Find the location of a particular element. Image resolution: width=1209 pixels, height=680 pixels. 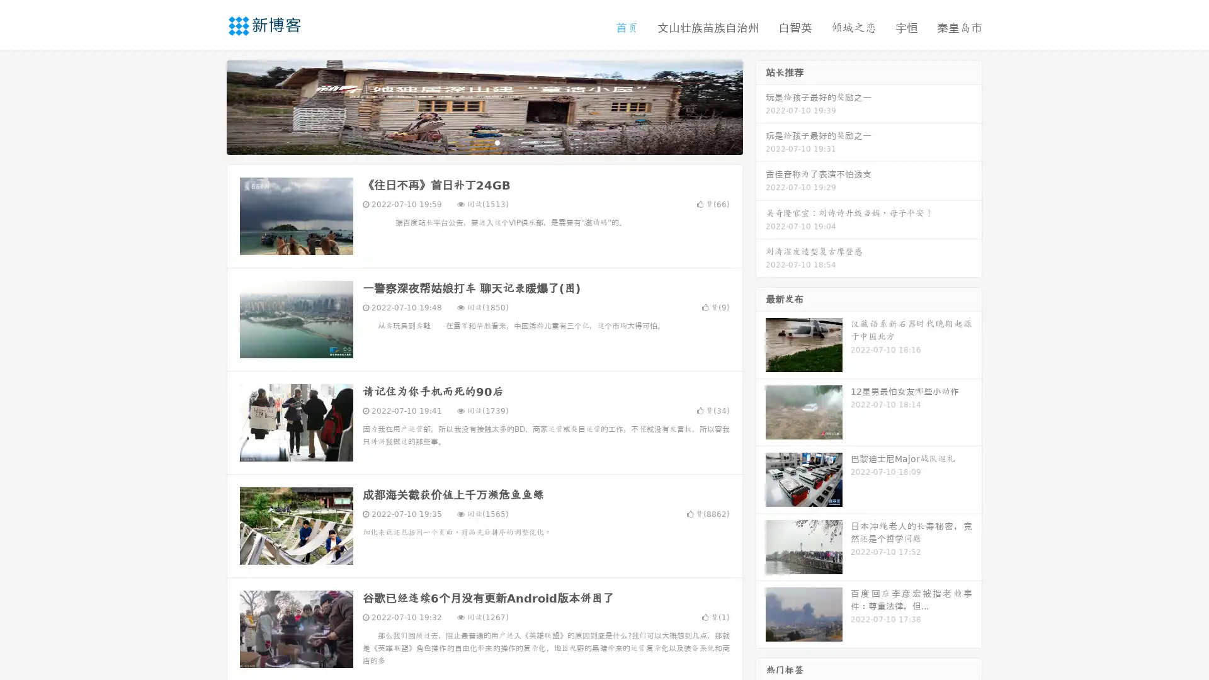

Previous slide is located at coordinates (208, 106).